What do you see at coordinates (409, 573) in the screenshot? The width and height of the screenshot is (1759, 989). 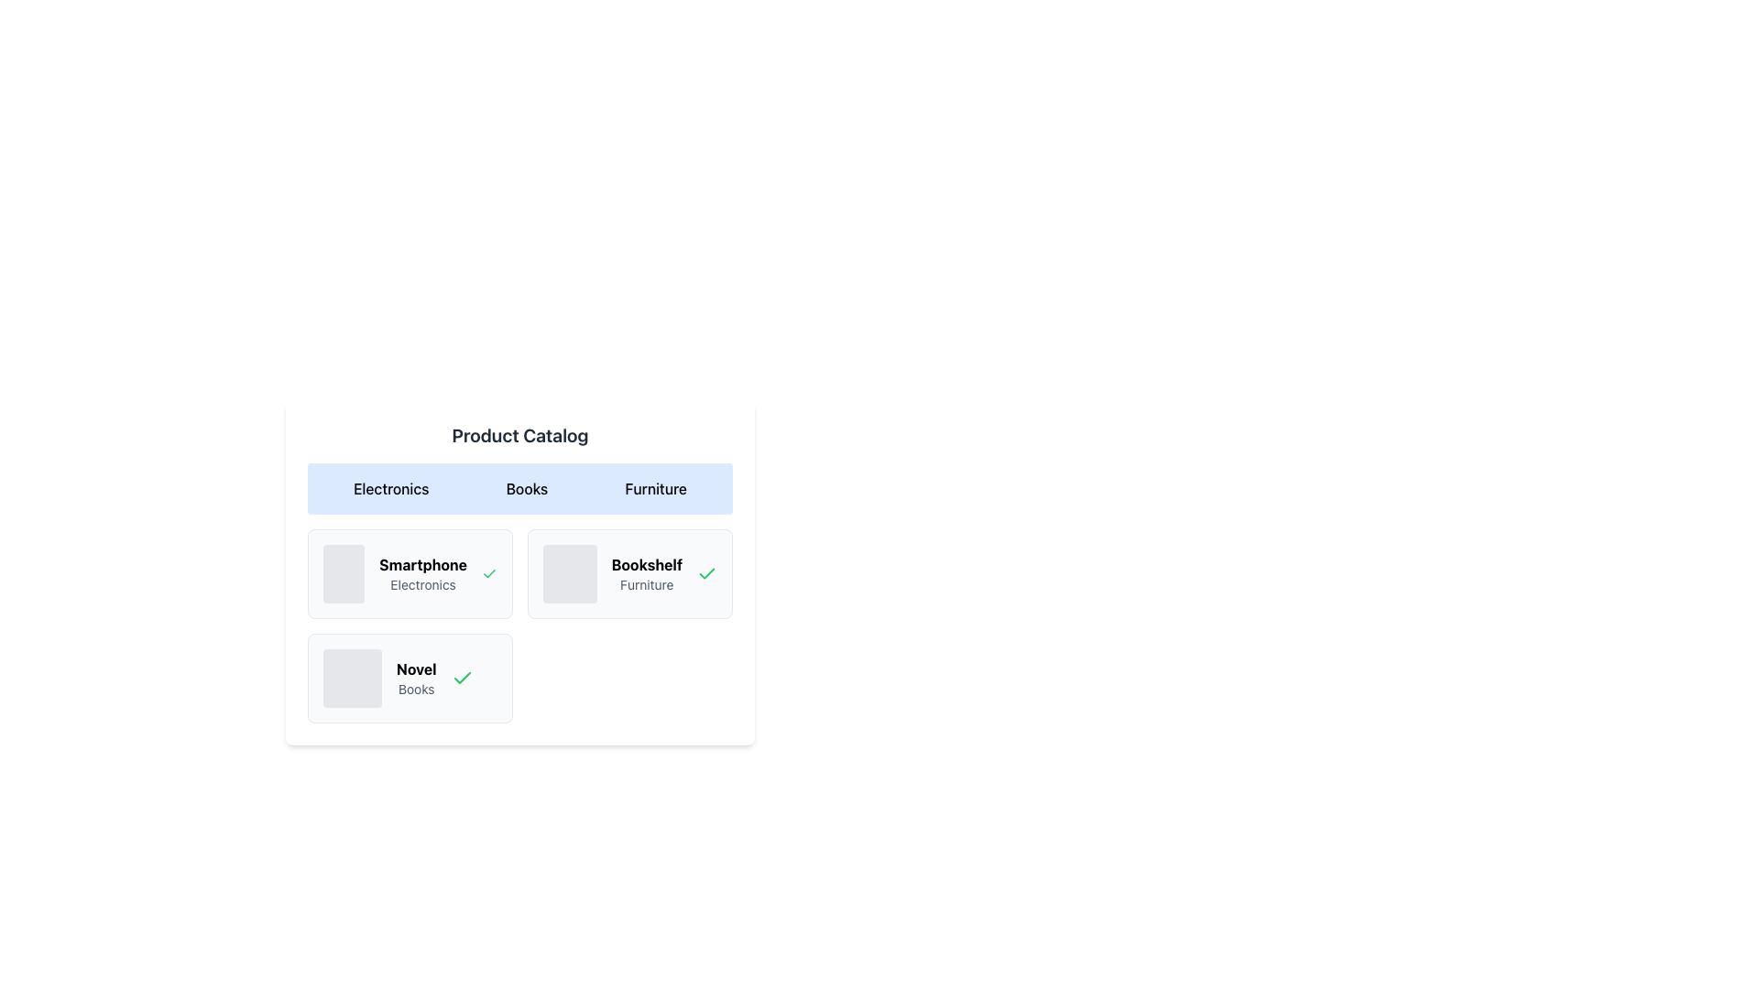 I see `the first card in the grid layout under the 'Electronics' column, which has a light gray background, rounded corners, and contains the title 'Smartphone' and subtitle 'Electronics'` at bounding box center [409, 573].